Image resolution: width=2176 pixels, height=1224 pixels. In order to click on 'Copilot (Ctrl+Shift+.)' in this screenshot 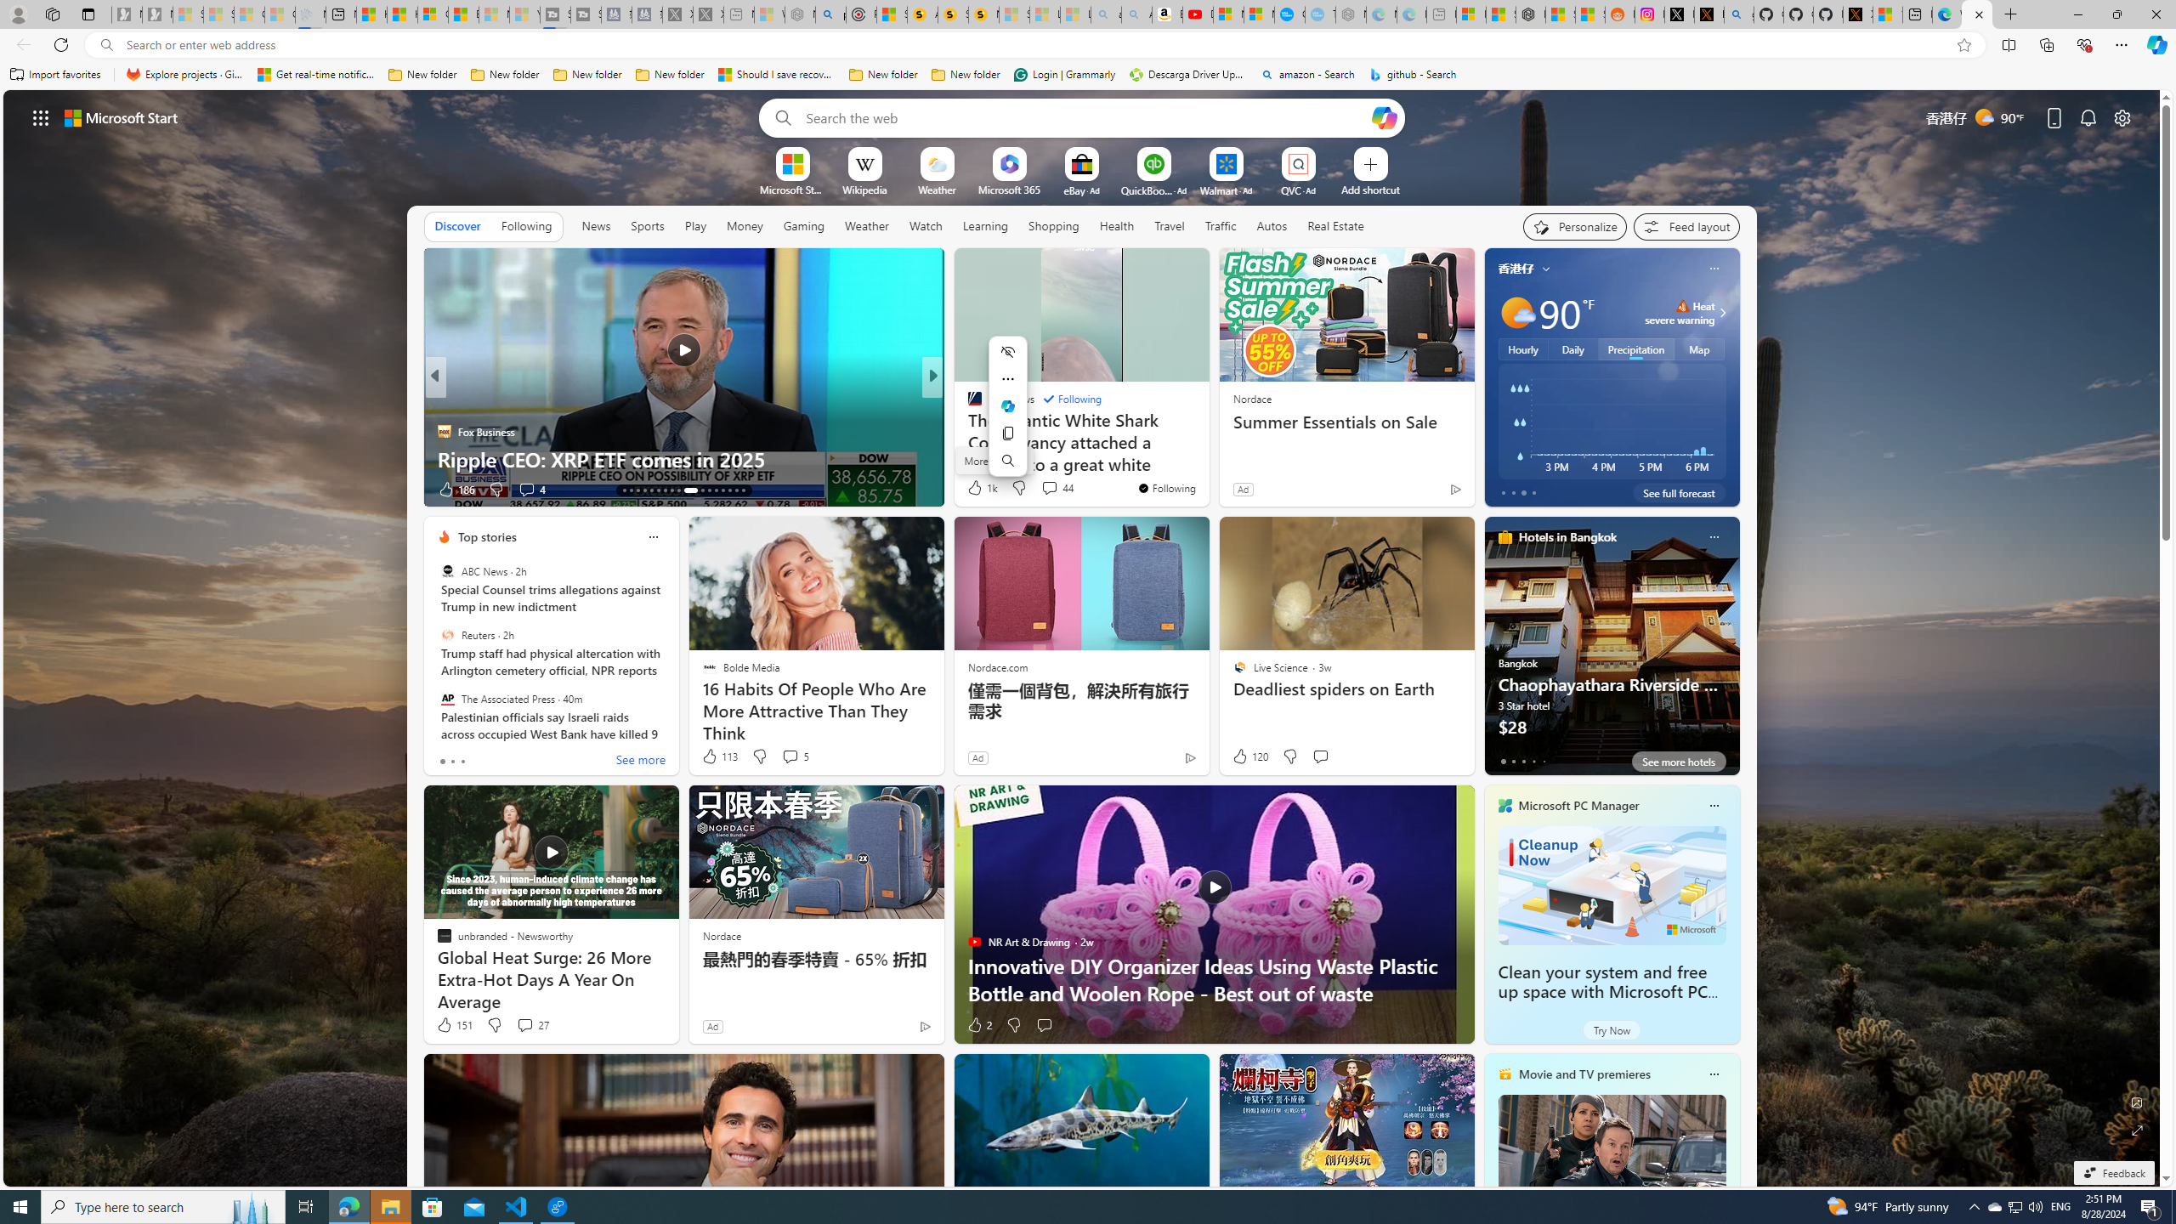, I will do `click(2155, 43)`.